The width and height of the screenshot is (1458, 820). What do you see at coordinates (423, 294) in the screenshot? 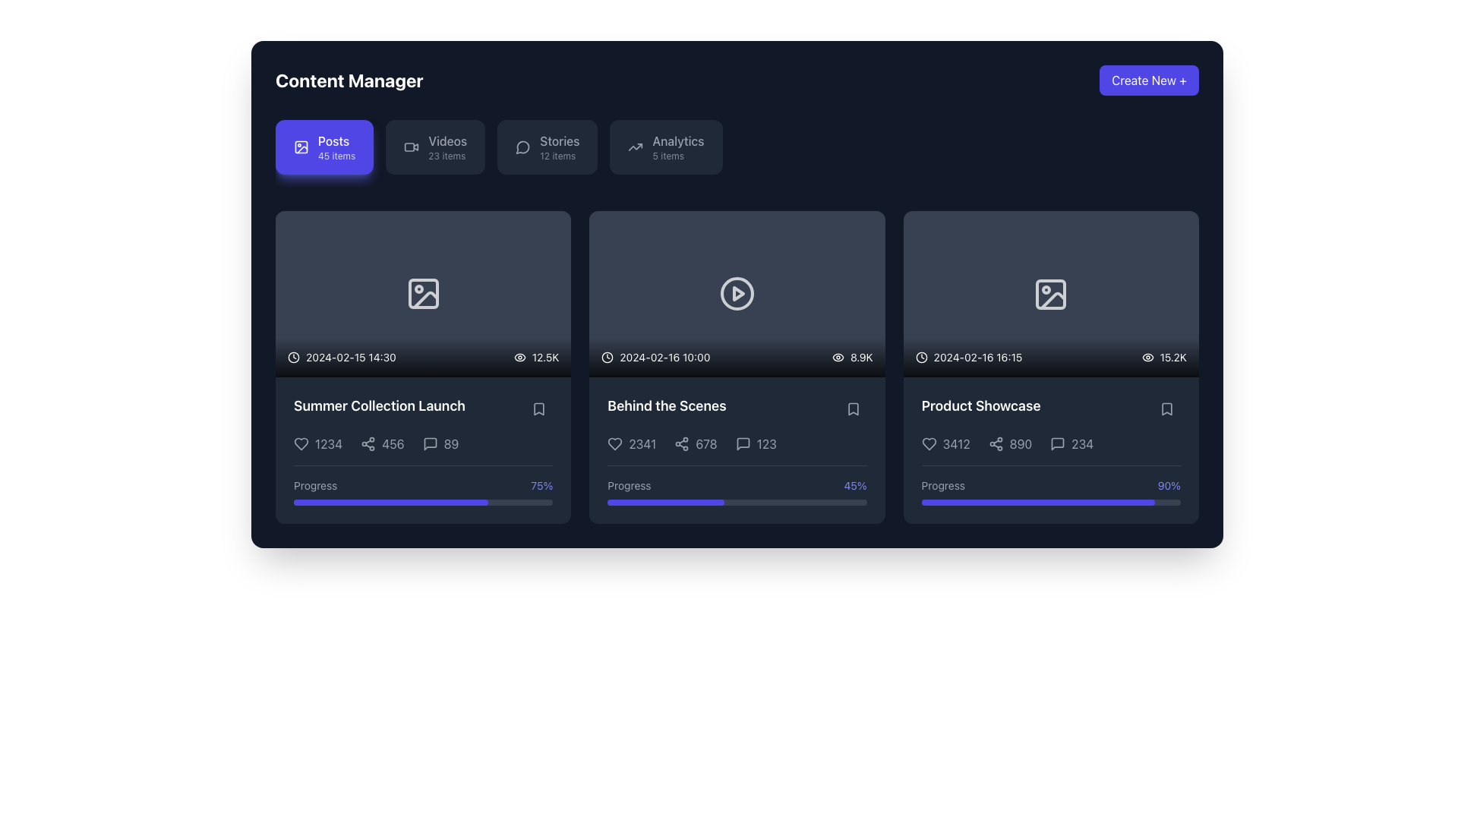
I see `the informational media card in the Content Manager section, which displays a date and time along with a view count` at bounding box center [423, 294].